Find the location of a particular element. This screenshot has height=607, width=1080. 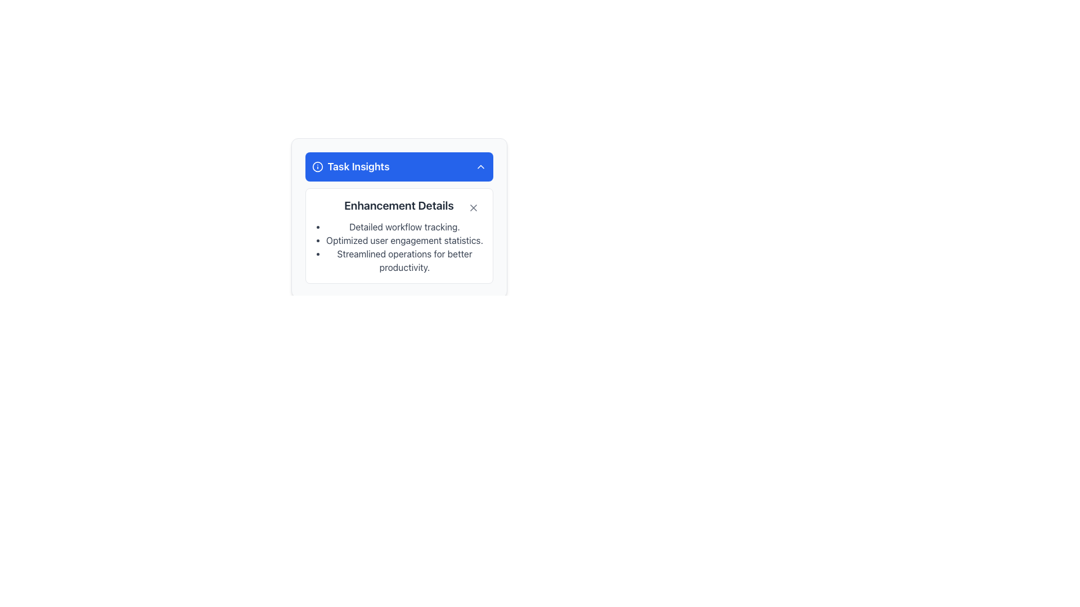

text element displaying 'Optimized user engagement statistics.' located within a white rectangular panel under the heading 'Enhancement Details' in the 'Task Insights' section is located at coordinates (404, 240).